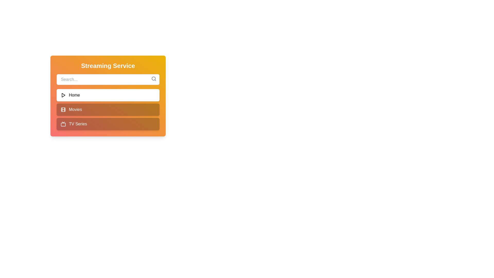  What do you see at coordinates (108, 109) in the screenshot?
I see `the Movies navigation button, which is the second option in the vertical menu list` at bounding box center [108, 109].